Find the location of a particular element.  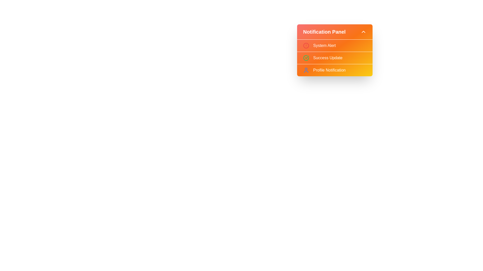

the notification item Success Update from the list is located at coordinates (335, 57).